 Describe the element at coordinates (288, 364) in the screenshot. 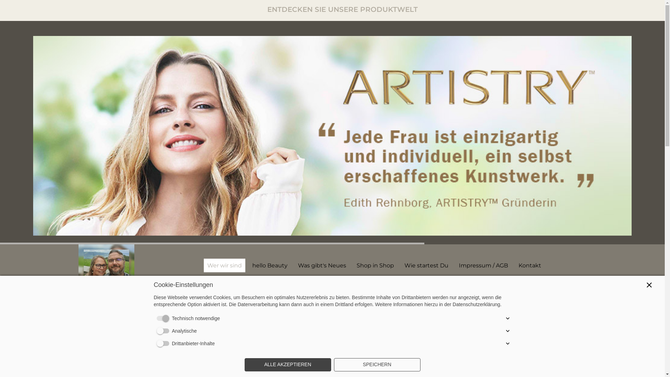

I see `'ALLE AKZEPTIEREN'` at that location.